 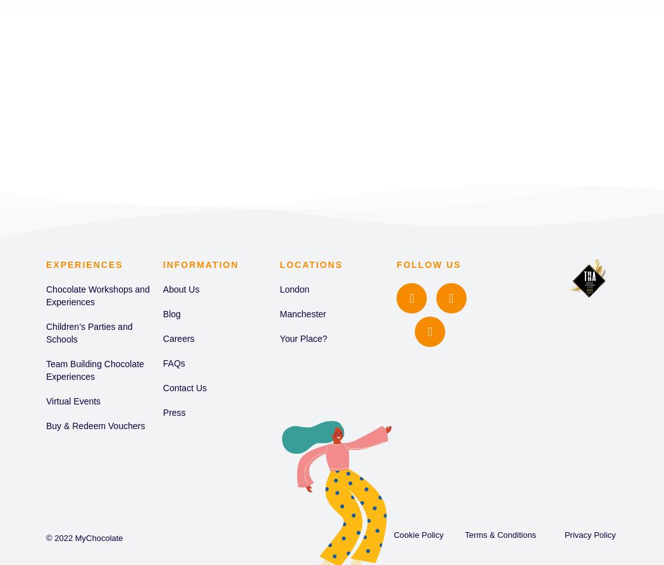 What do you see at coordinates (499, 533) in the screenshot?
I see `'Terms & Conditions'` at bounding box center [499, 533].